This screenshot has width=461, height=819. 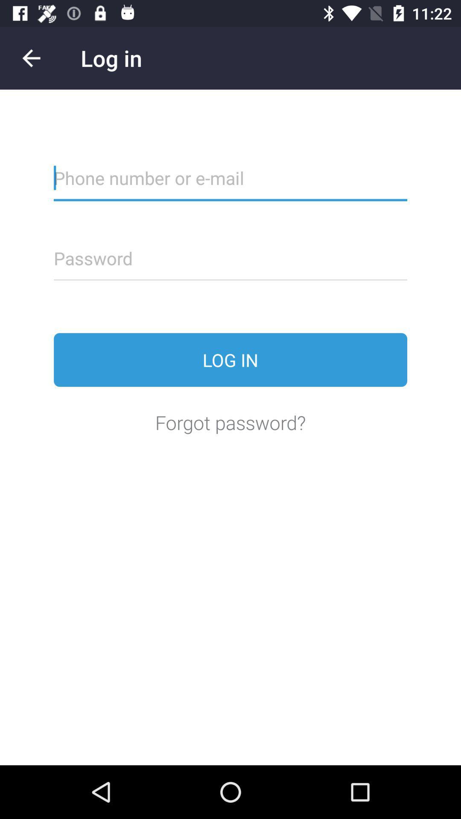 What do you see at coordinates (230, 183) in the screenshot?
I see `put email` at bounding box center [230, 183].